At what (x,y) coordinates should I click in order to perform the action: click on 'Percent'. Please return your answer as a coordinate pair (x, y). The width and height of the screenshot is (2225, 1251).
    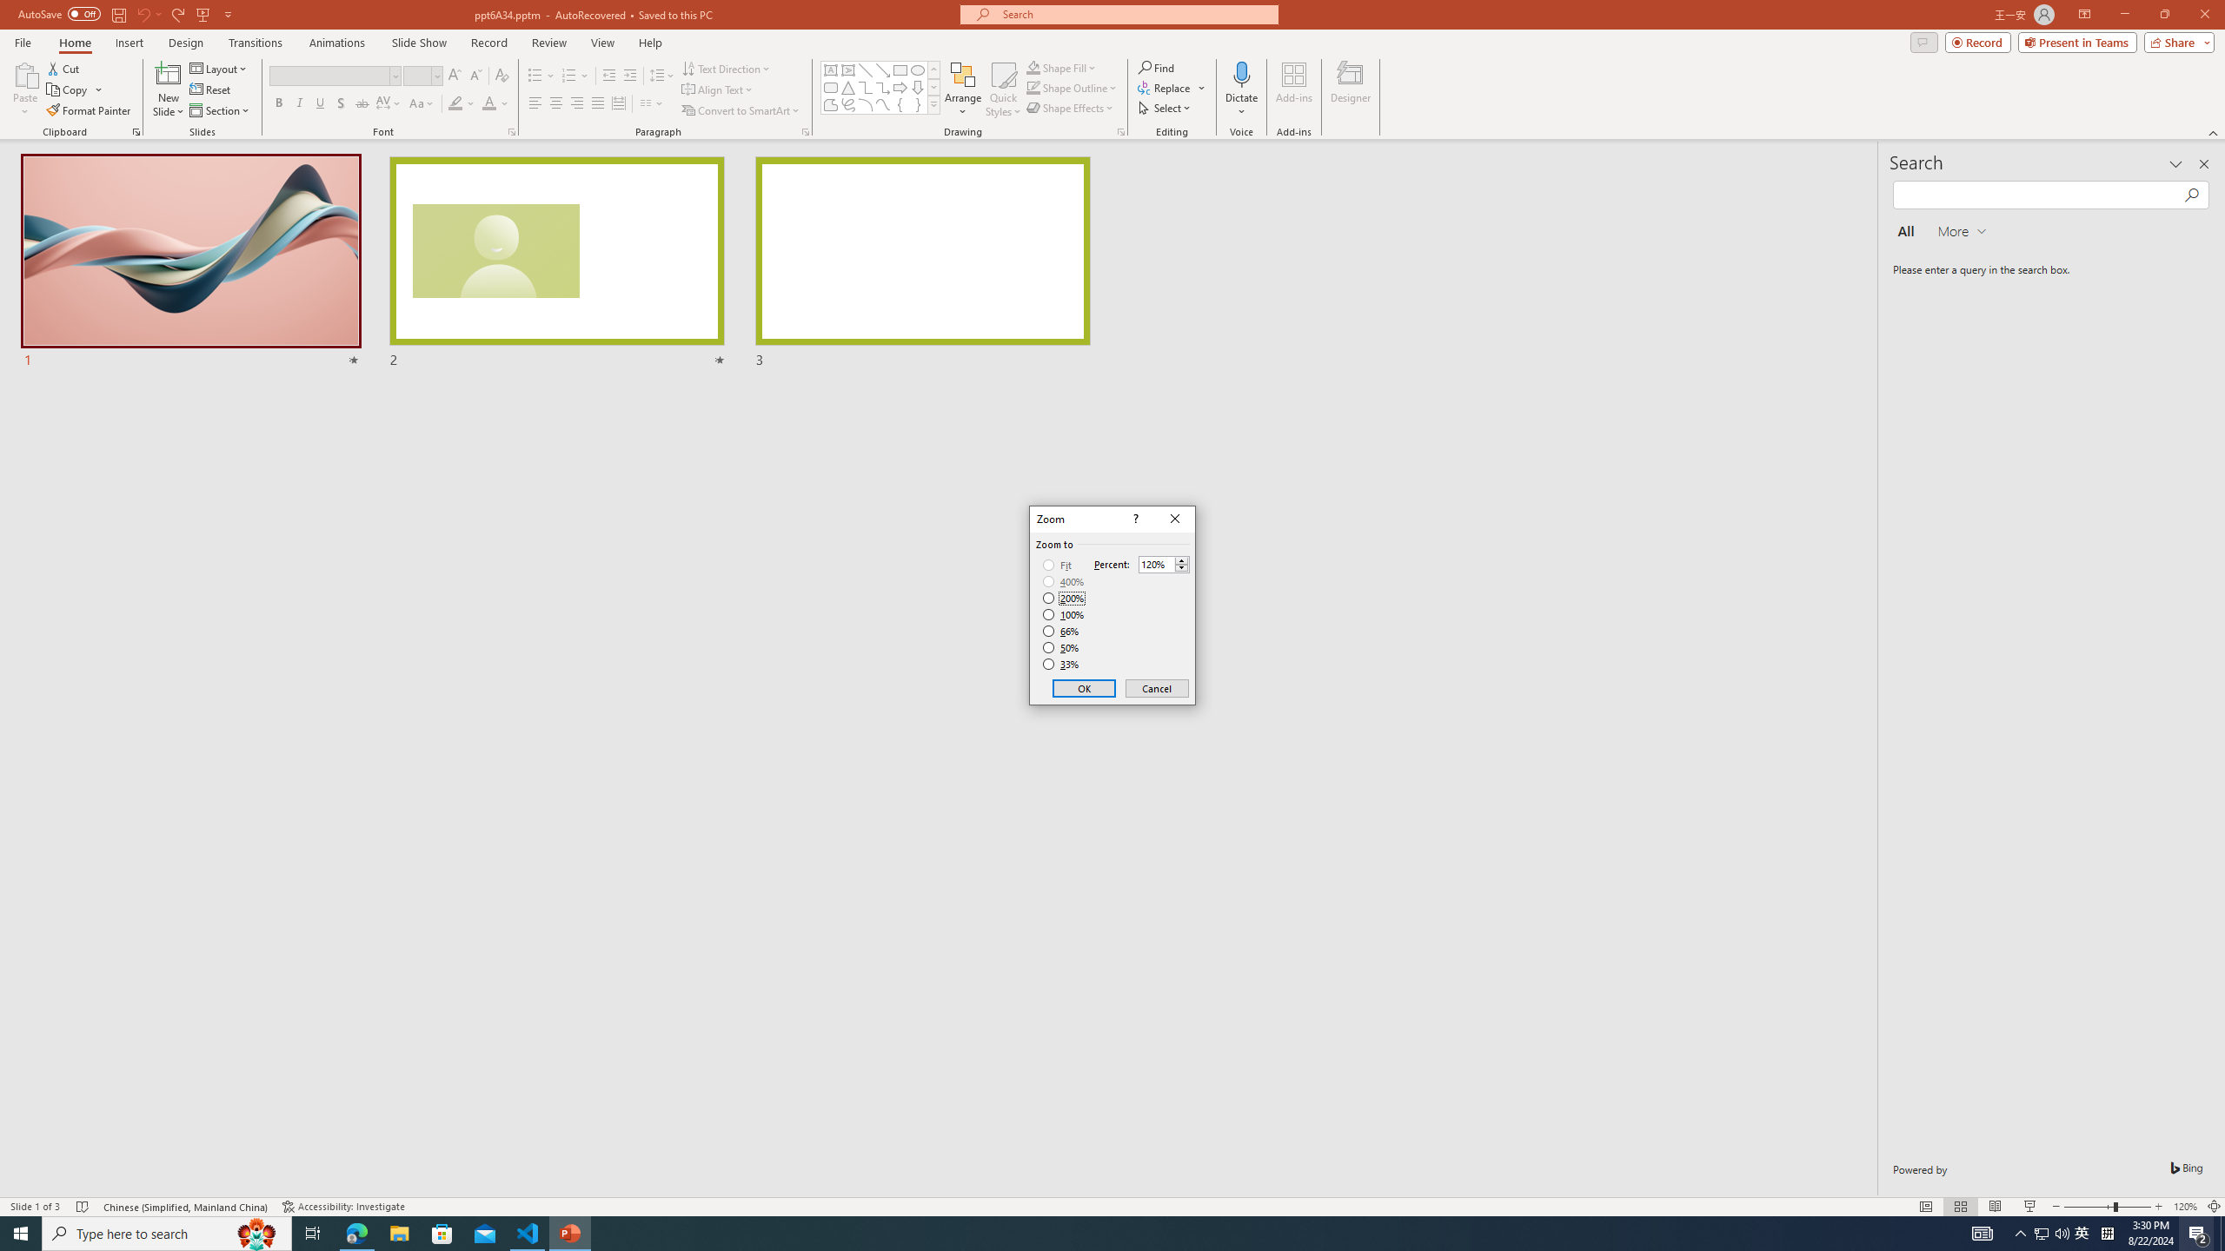
    Looking at the image, I should click on (1165, 563).